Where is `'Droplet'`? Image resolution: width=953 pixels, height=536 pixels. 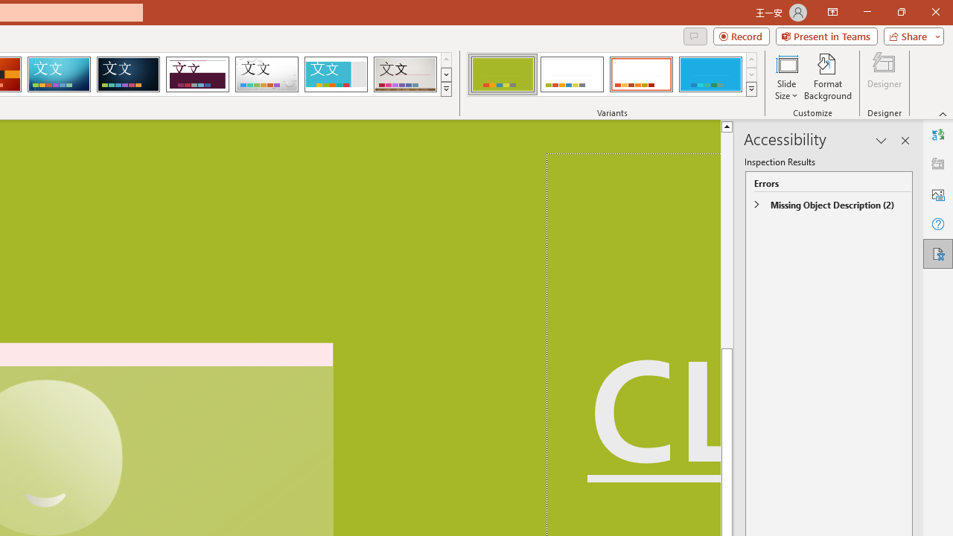
'Droplet' is located at coordinates (267, 74).